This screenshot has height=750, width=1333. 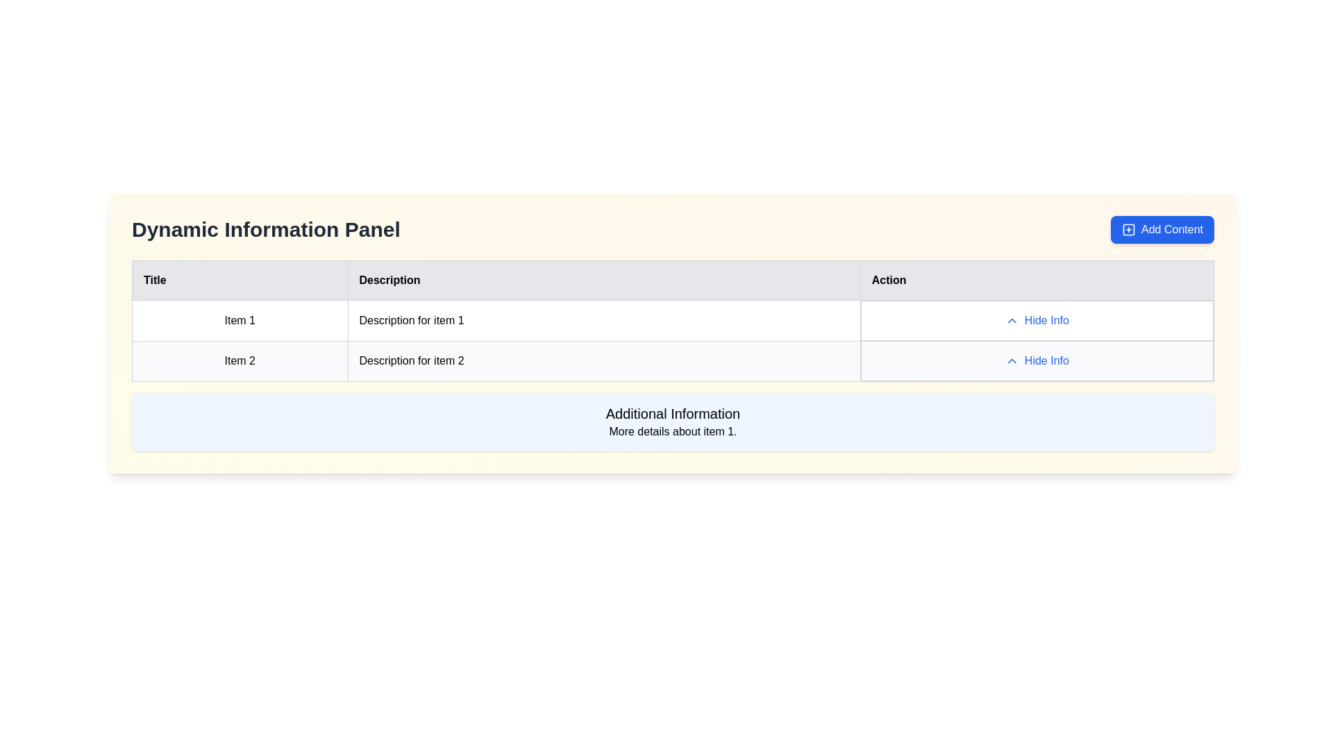 What do you see at coordinates (1037, 360) in the screenshot?
I see `the second 'Hide Info' button in the 'Action' column of the table for 'Item 2' to change its color` at bounding box center [1037, 360].